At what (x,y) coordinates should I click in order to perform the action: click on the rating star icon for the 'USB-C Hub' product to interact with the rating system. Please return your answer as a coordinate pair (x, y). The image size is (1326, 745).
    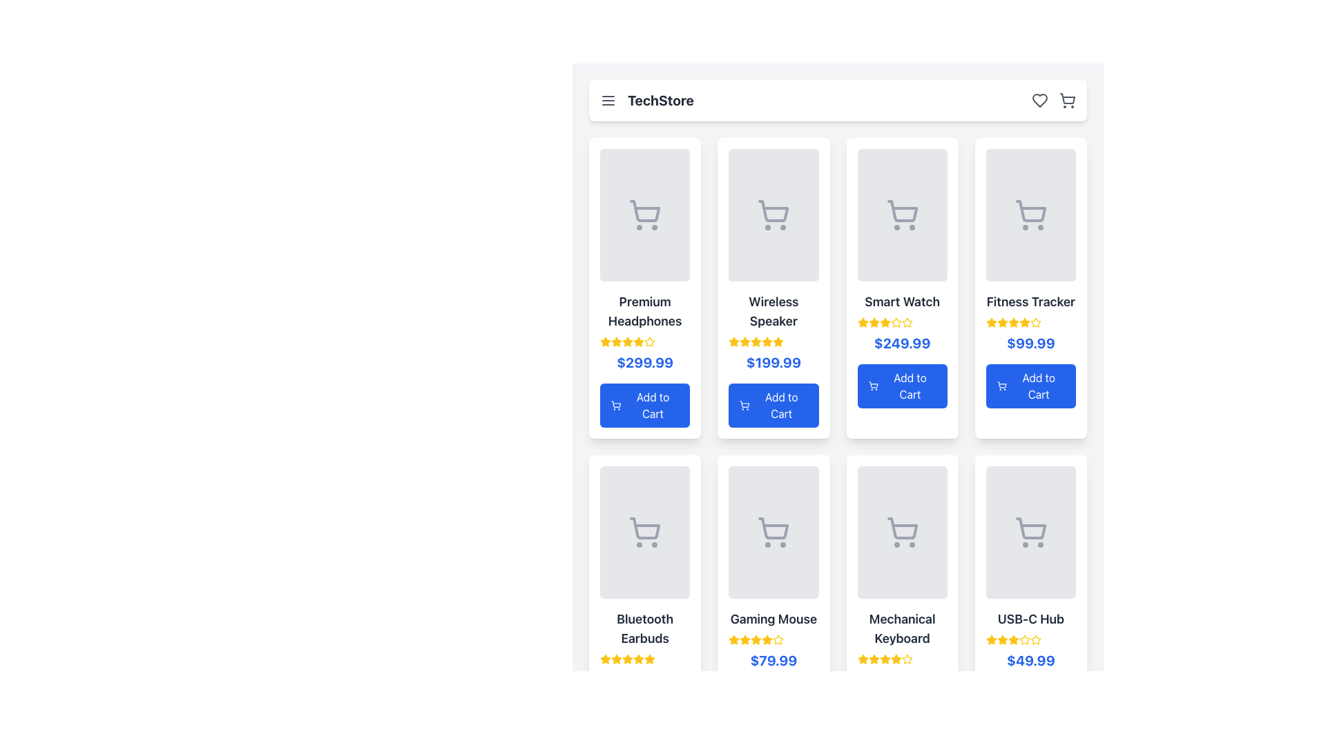
    Looking at the image, I should click on (1002, 639).